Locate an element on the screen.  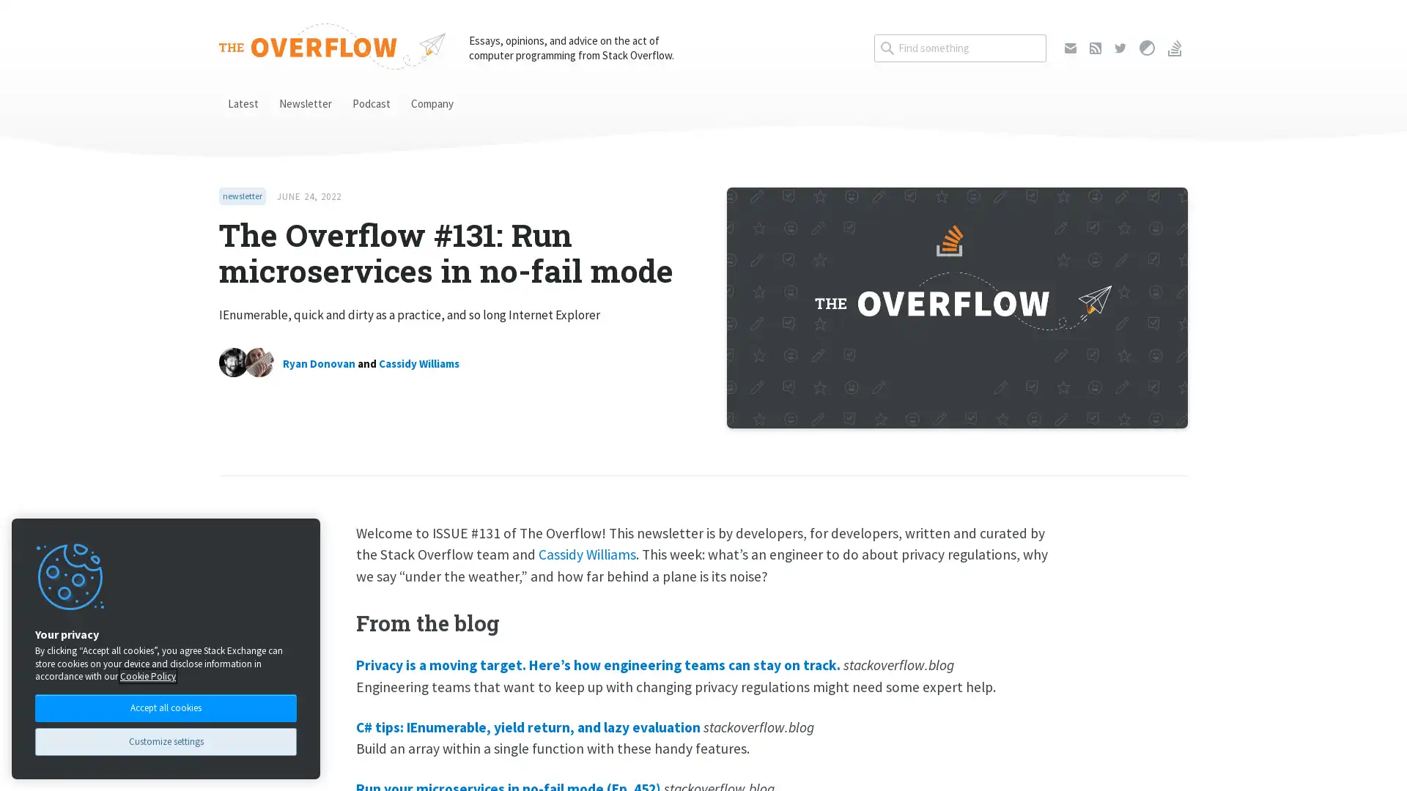
Customize settings is located at coordinates (166, 741).